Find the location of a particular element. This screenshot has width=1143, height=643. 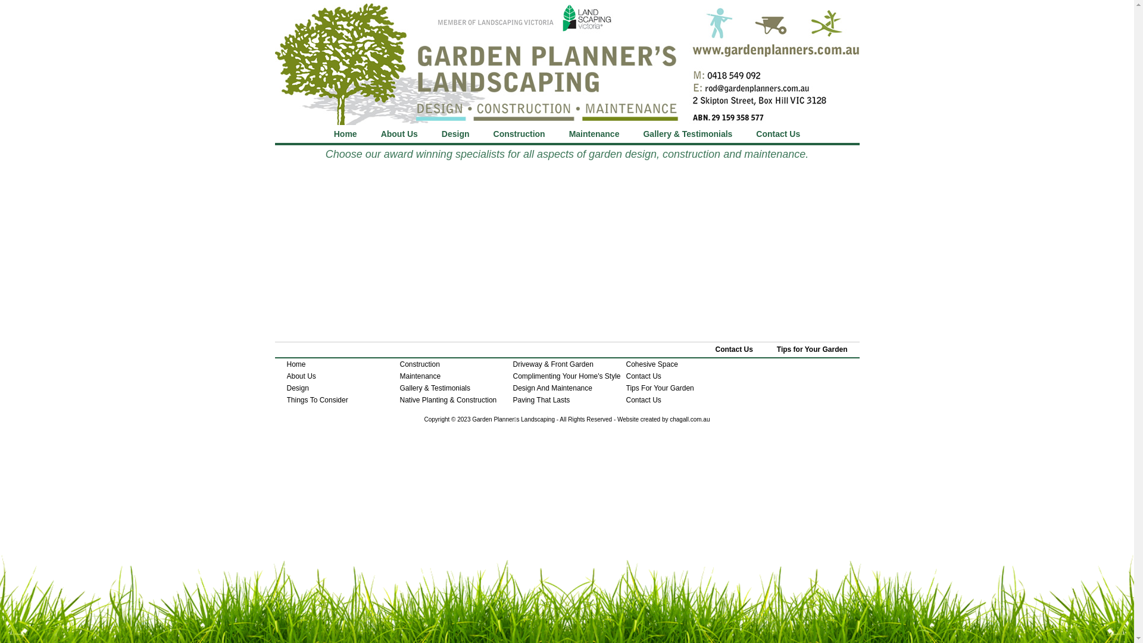

'Home' is located at coordinates (286, 364).